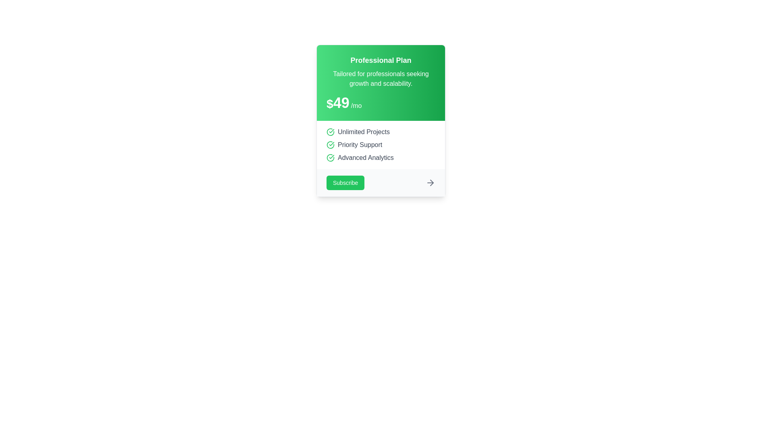 The width and height of the screenshot is (774, 435). I want to click on the currency symbol text that indicates the cost in dollars, located in the green header section of the subscription card, preceding the numeric '49' and the text '/mo', so click(330, 104).